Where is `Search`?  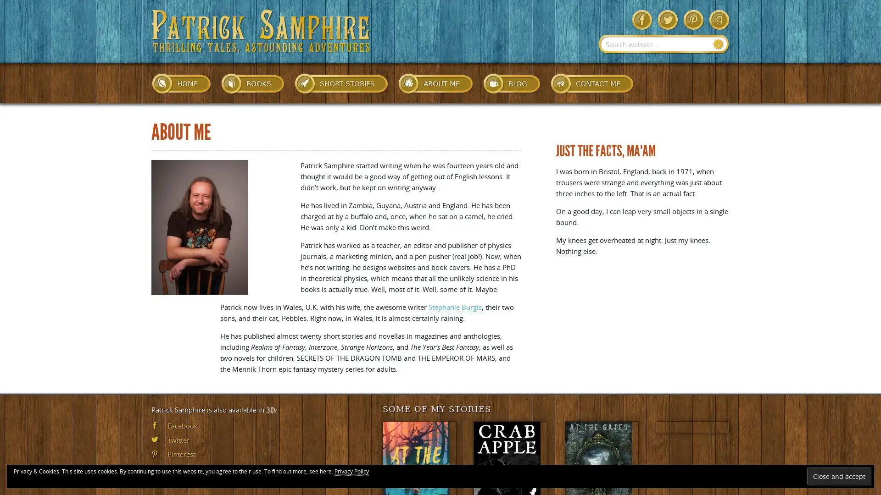
Search is located at coordinates (718, 44).